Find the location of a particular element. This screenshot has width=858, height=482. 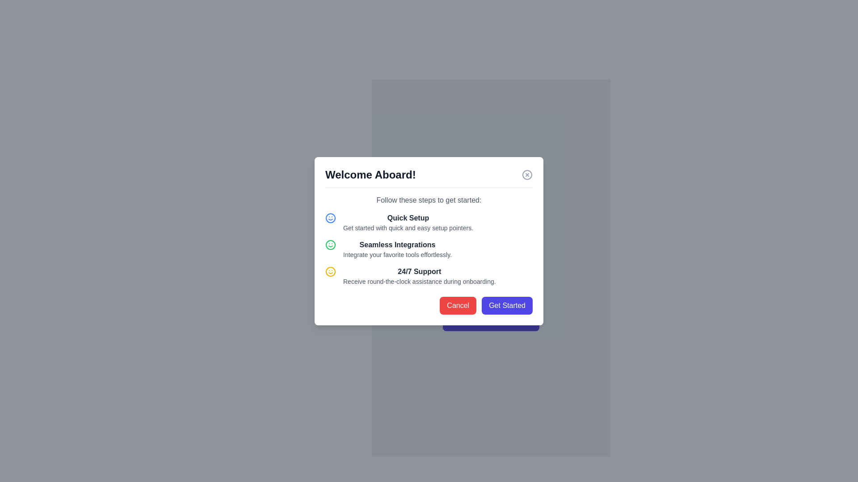

the decorative circle within the close icon of the modal, which is located near the top-right corner of the interface is located at coordinates (527, 175).